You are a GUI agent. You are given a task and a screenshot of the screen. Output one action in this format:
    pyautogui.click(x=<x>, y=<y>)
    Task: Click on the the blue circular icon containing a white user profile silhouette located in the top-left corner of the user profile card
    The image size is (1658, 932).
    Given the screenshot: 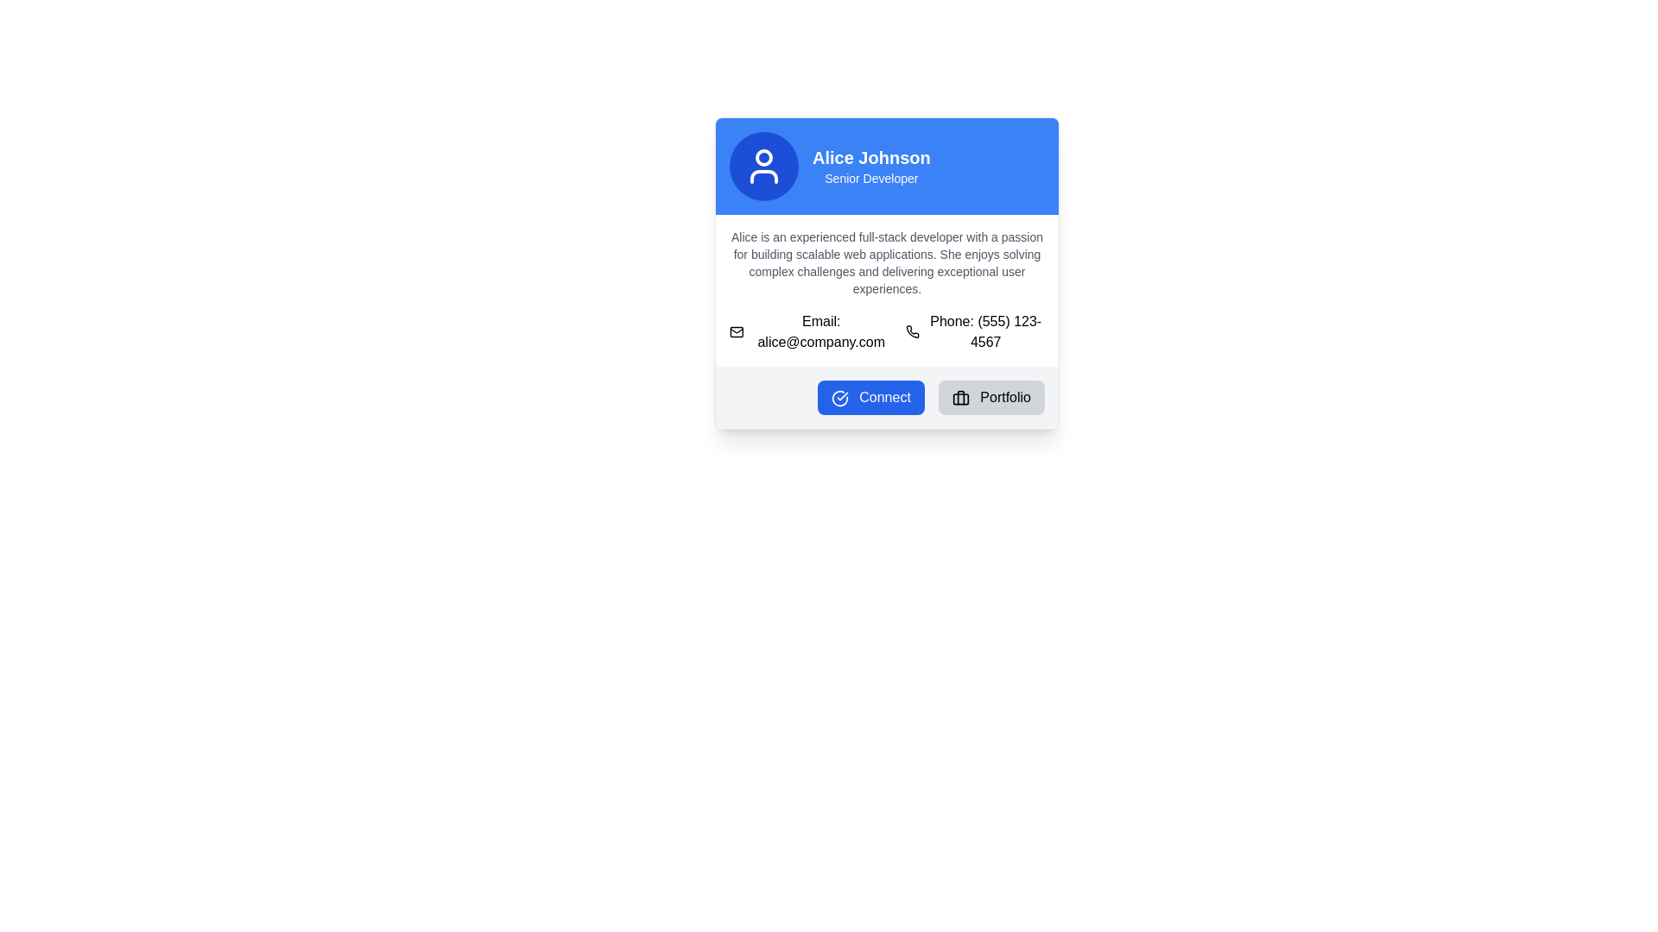 What is the action you would take?
    pyautogui.click(x=763, y=166)
    